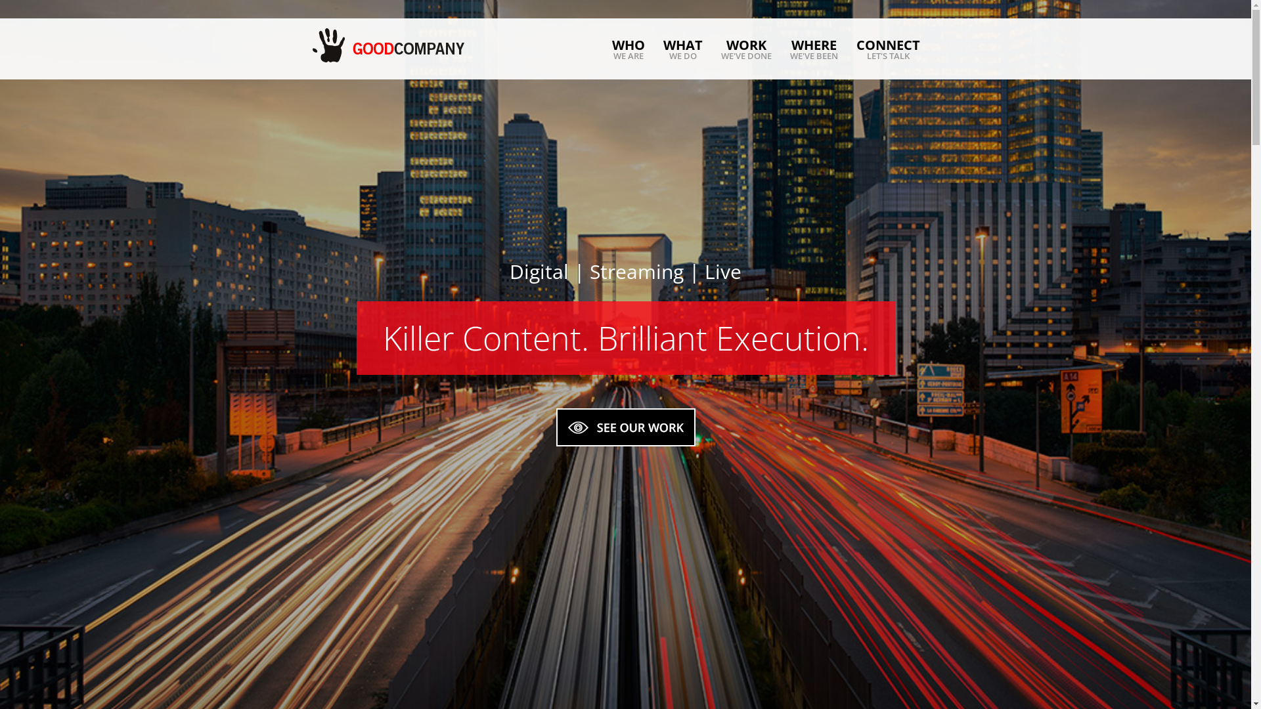 The image size is (1261, 709). Describe the element at coordinates (856, 49) in the screenshot. I see `'CONNECT` at that location.